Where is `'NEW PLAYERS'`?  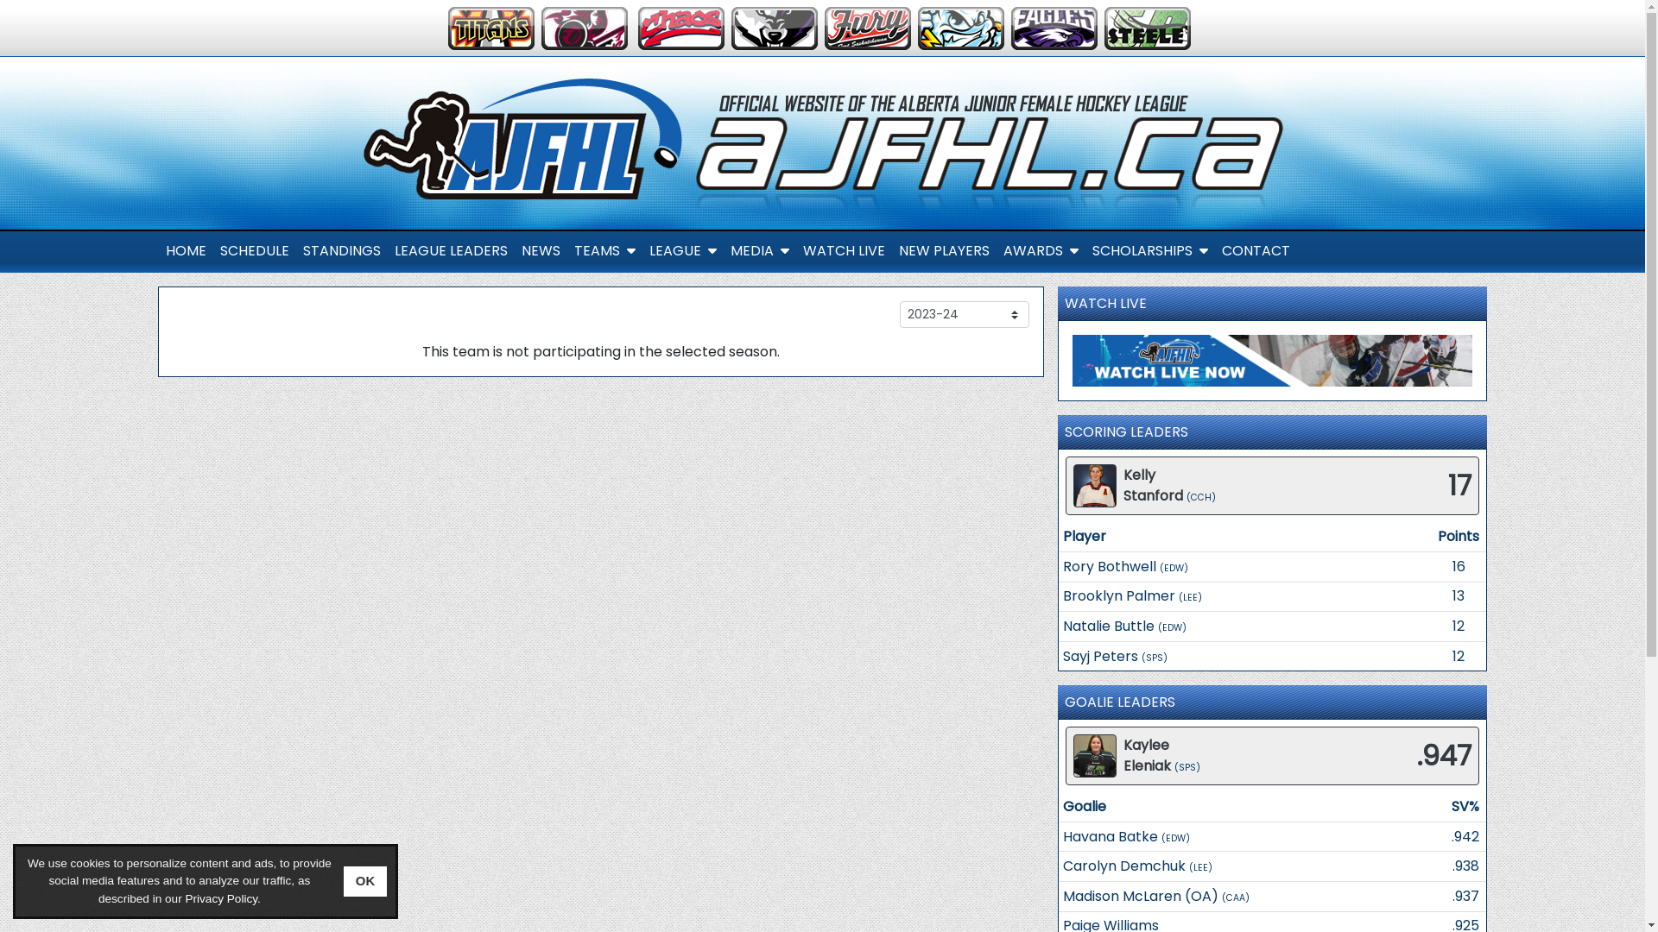
'NEW PLAYERS' is located at coordinates (891, 250).